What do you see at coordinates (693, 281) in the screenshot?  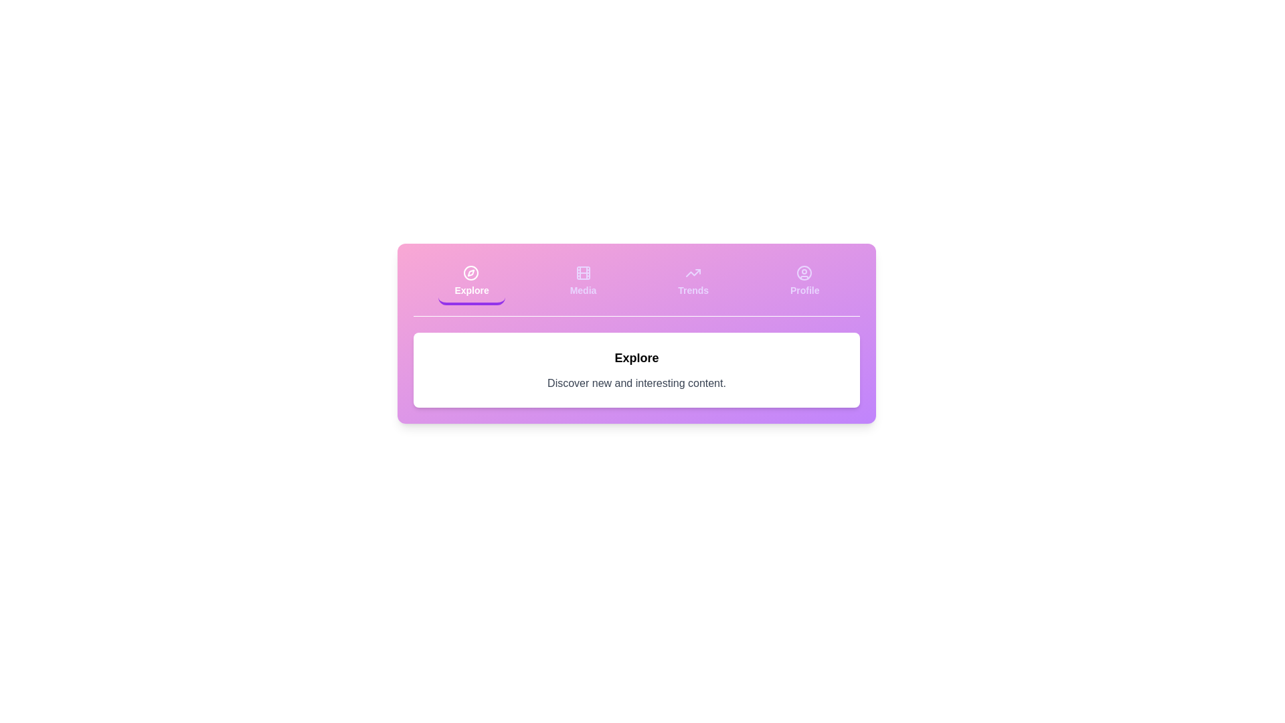 I see `the tab button labeled Trends to switch to the corresponding tab` at bounding box center [693, 281].